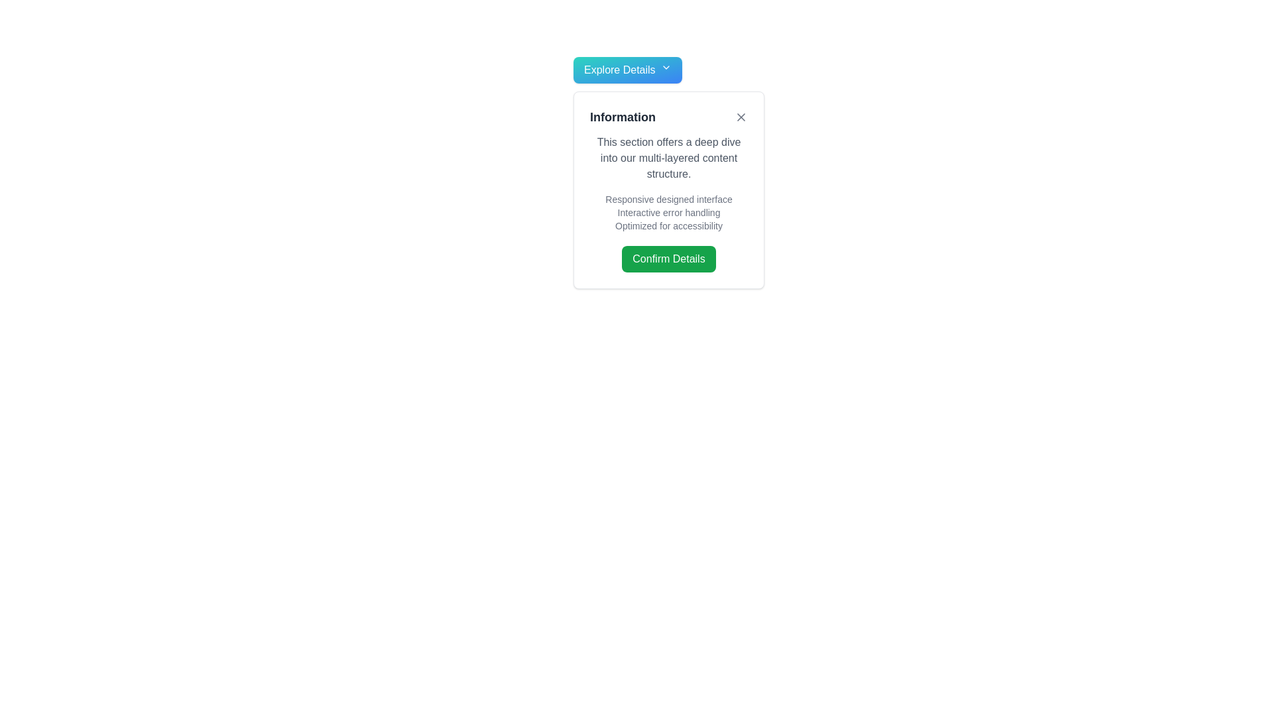 This screenshot has height=716, width=1273. What do you see at coordinates (627, 70) in the screenshot?
I see `the button located above the 'Information' box` at bounding box center [627, 70].